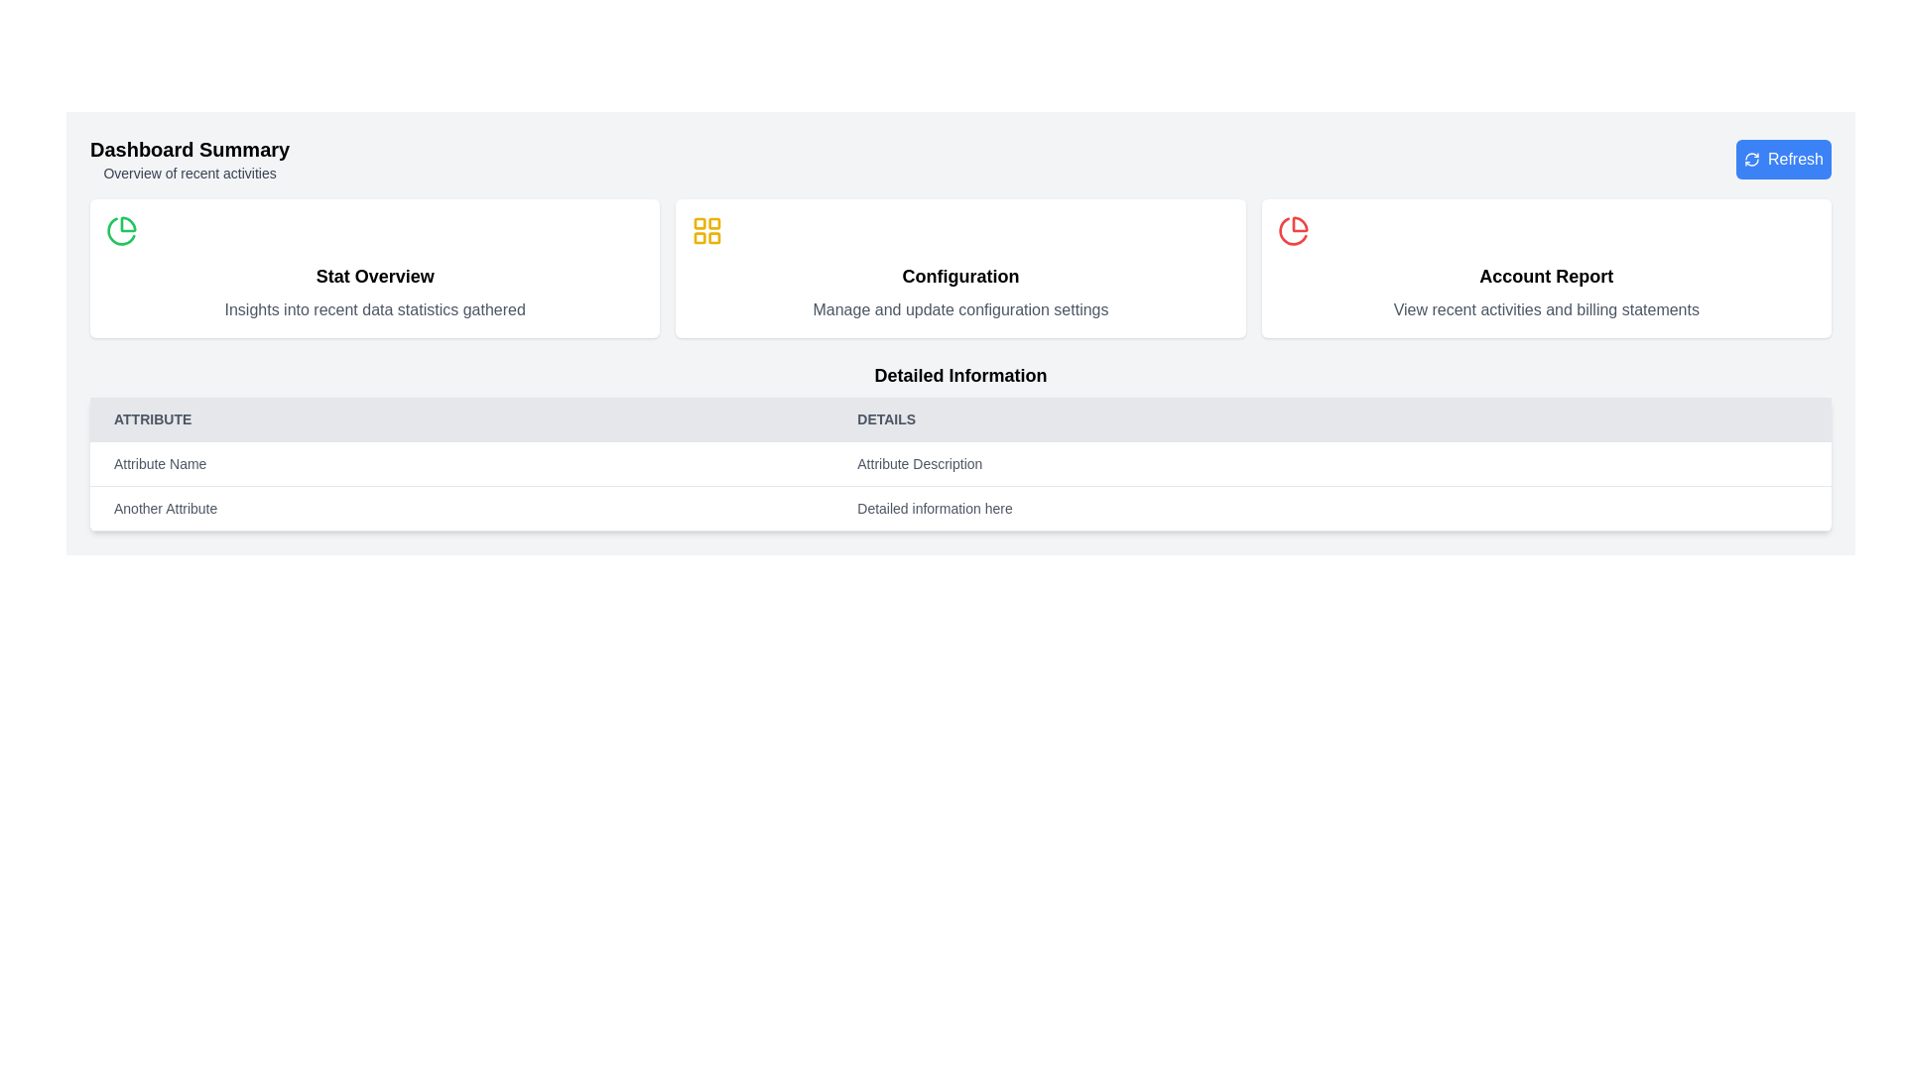 This screenshot has width=1905, height=1071. I want to click on the descriptive subtitle text label for the 'Configuration' section located in the middle card of the interface, positioned below the text 'Configuration', so click(960, 309).